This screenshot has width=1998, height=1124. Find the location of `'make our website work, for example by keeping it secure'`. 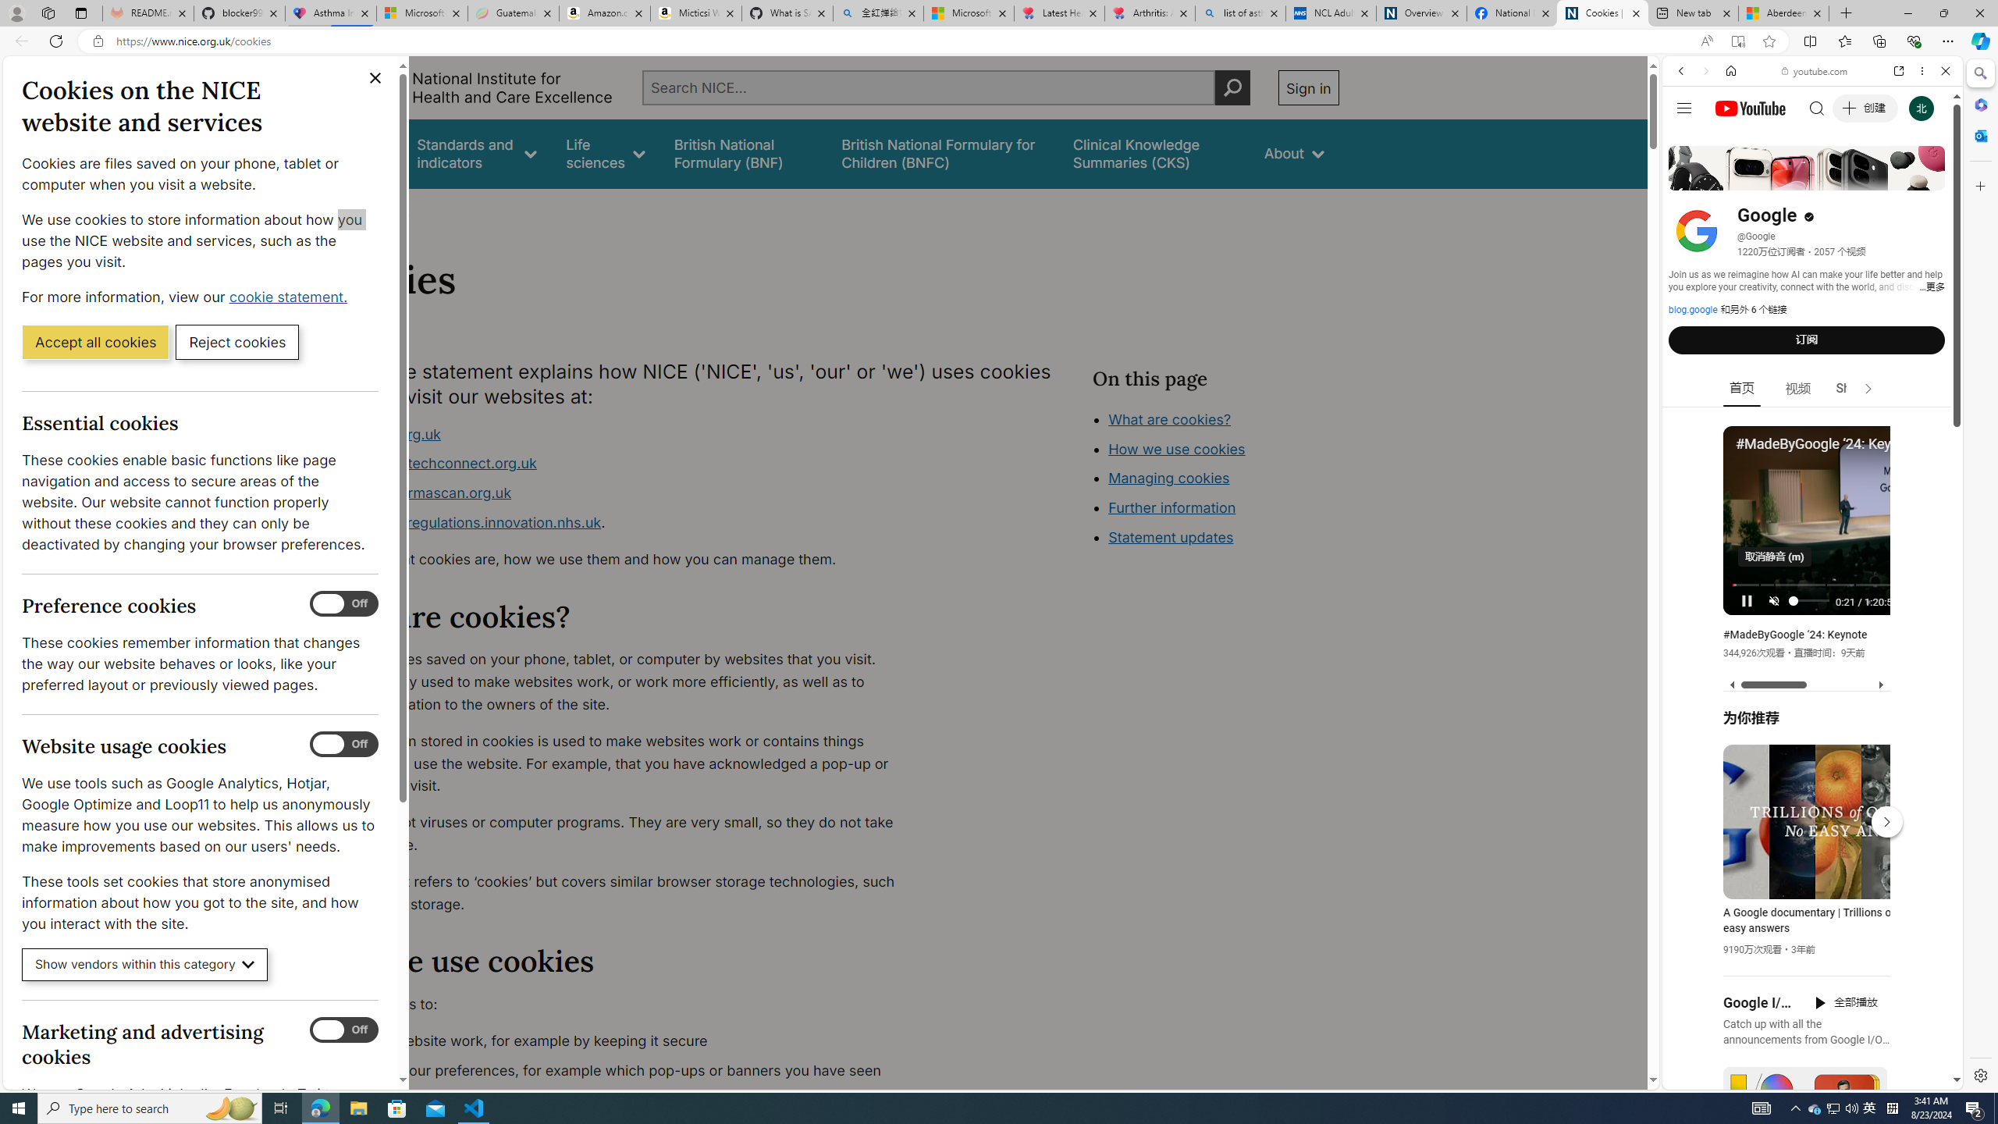

'make our website work, for example by keeping it secure' is located at coordinates (620, 1040).